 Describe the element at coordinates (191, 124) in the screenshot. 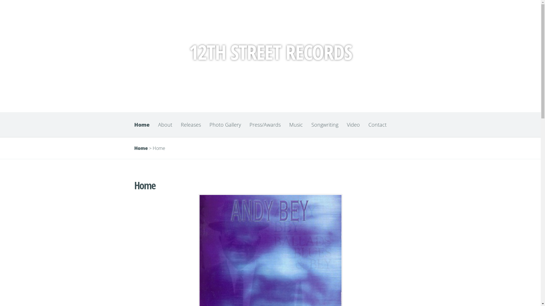

I see `'Releases'` at that location.